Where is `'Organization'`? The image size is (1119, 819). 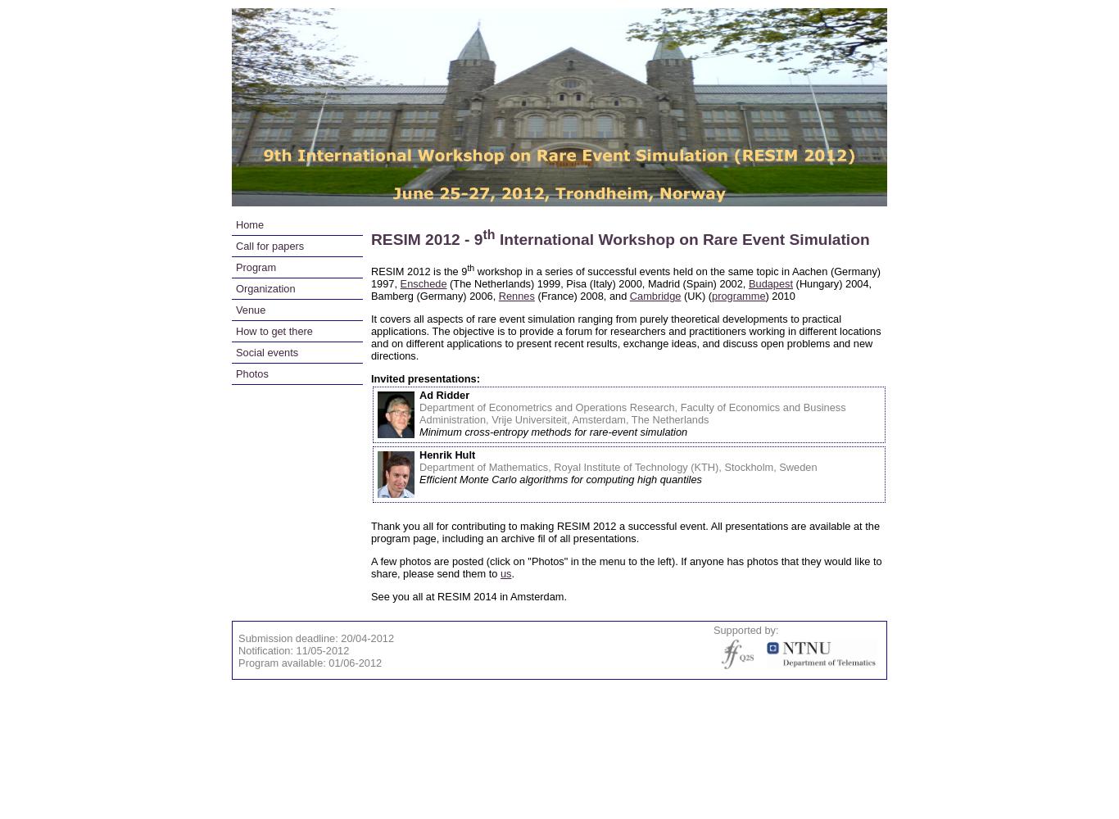 'Organization' is located at coordinates (265, 287).